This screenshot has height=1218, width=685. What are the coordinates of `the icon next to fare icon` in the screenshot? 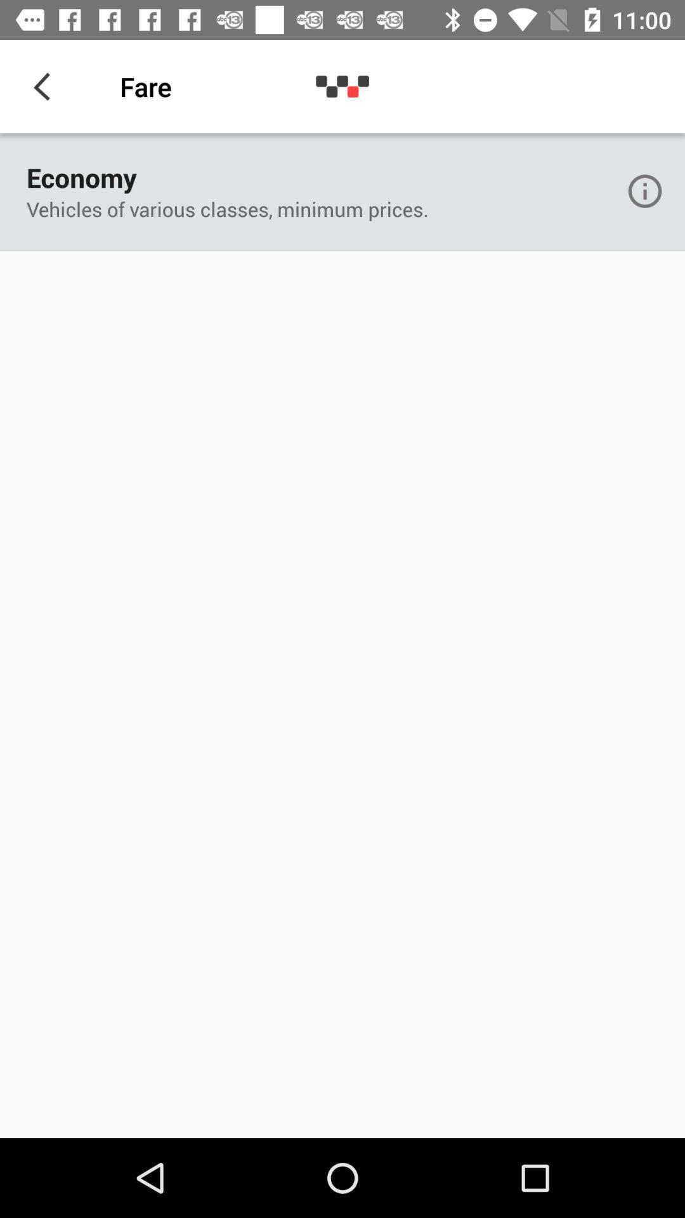 It's located at (46, 86).